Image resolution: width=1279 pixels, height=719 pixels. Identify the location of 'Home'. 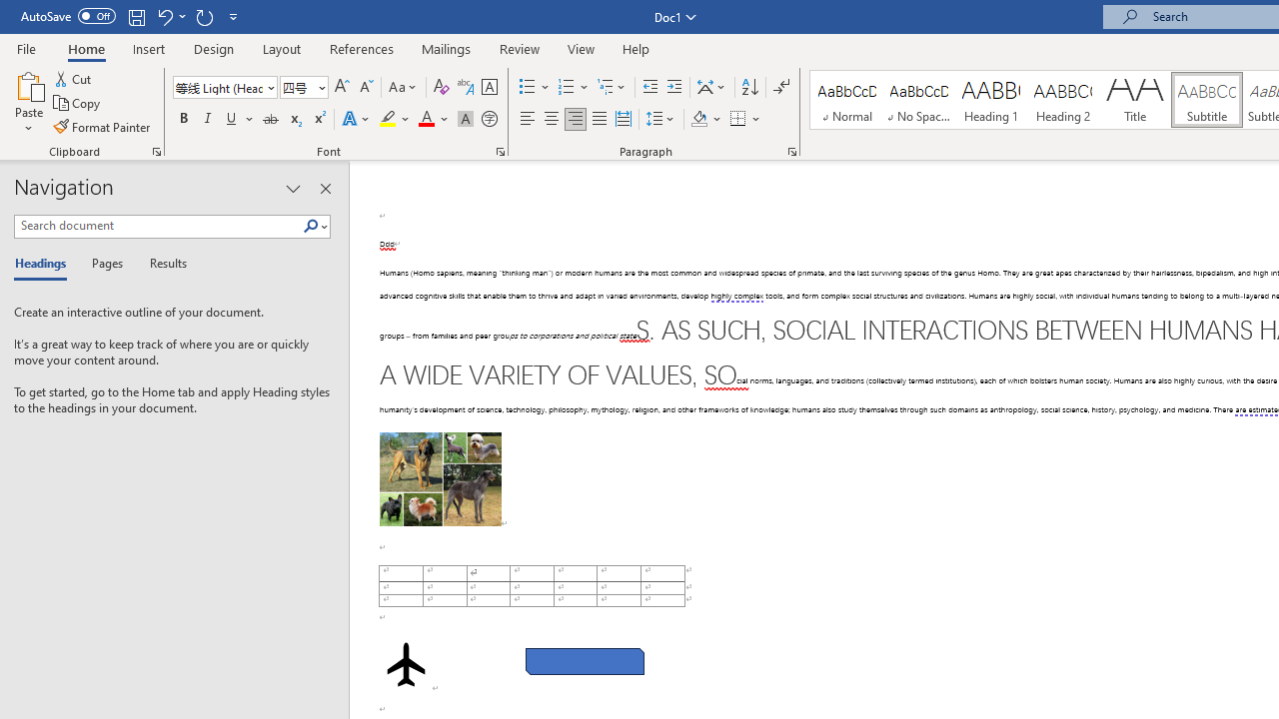
(85, 48).